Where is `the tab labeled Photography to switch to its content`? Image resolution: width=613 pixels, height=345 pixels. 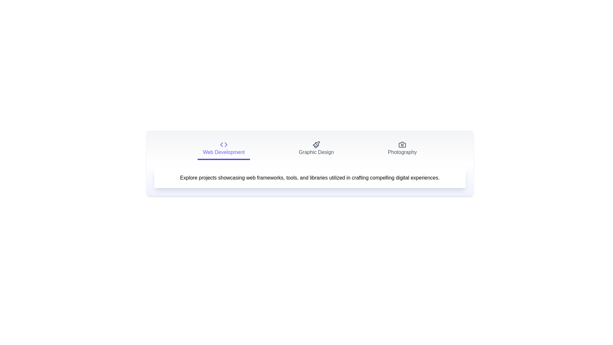 the tab labeled Photography to switch to its content is located at coordinates (402, 149).